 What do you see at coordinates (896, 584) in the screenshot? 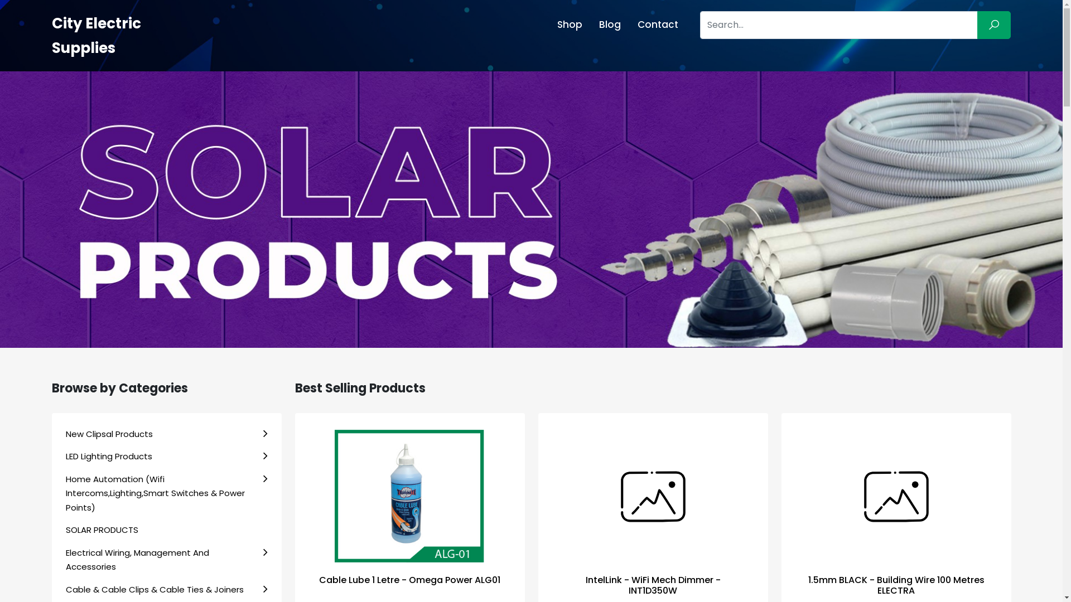
I see `'1.5mm BLACK - Building Wire 100 Metres ELECTRA'` at bounding box center [896, 584].